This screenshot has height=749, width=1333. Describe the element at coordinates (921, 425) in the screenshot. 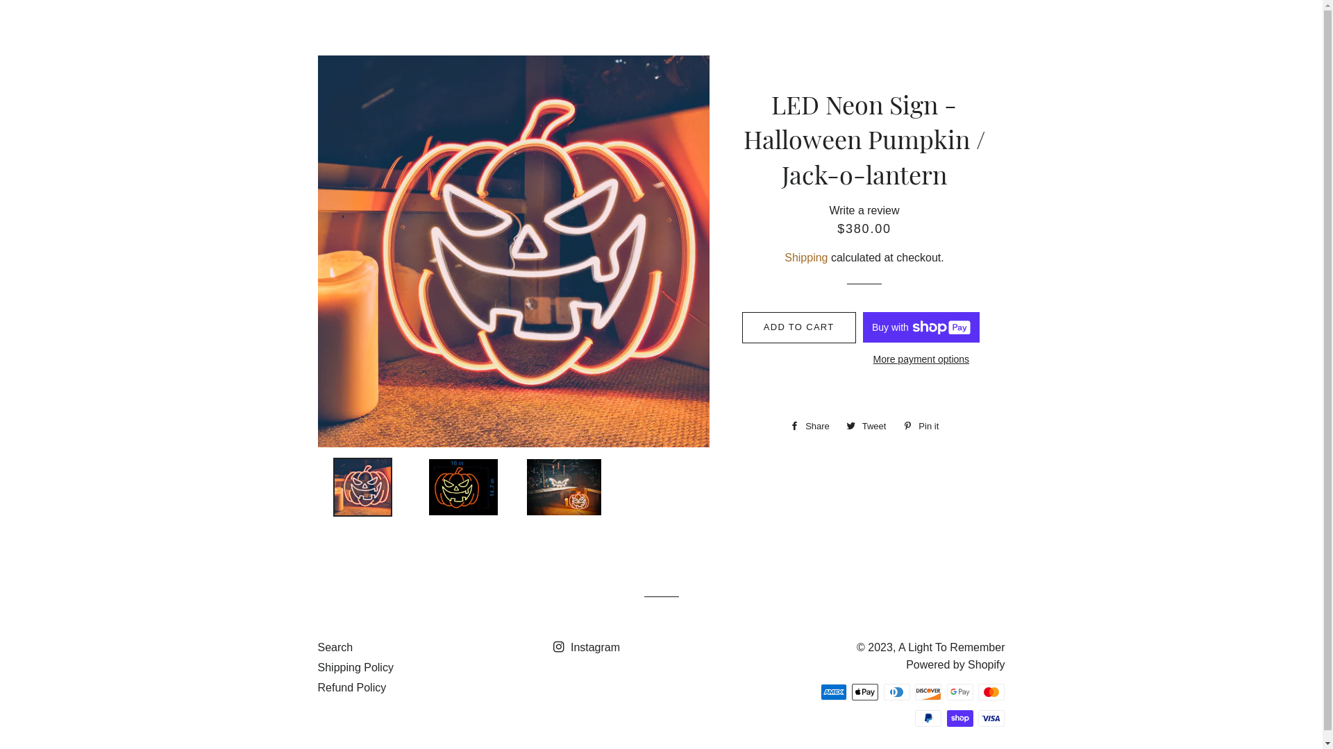

I see `'Pin it` at that location.